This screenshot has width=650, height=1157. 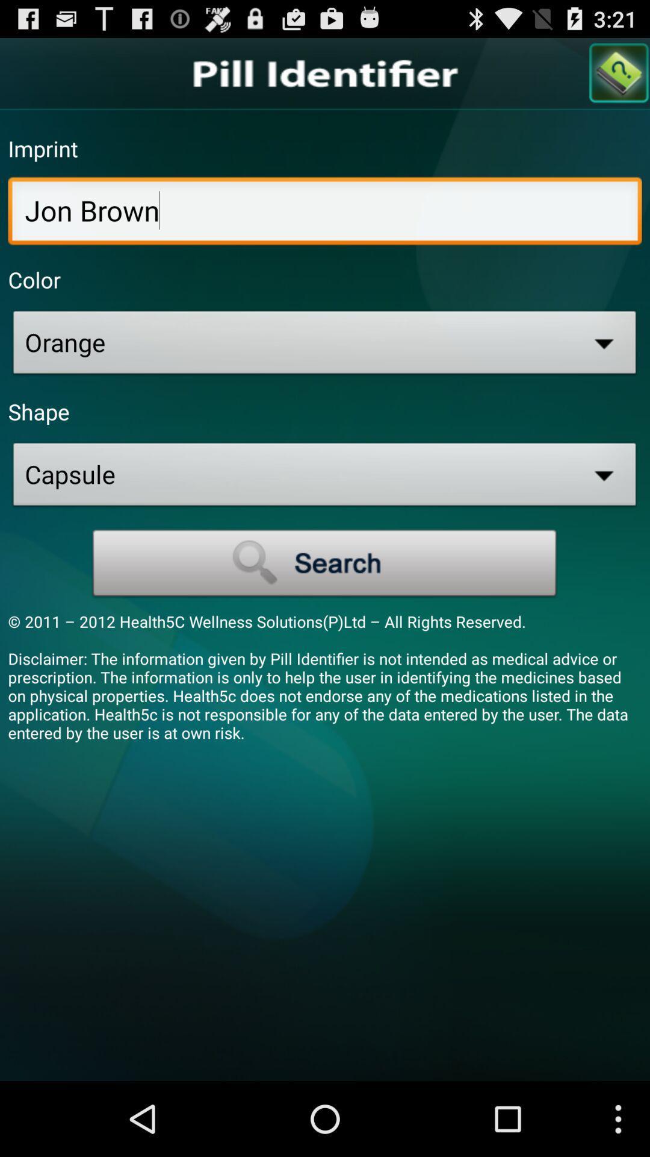 I want to click on search for specifics, so click(x=325, y=563).